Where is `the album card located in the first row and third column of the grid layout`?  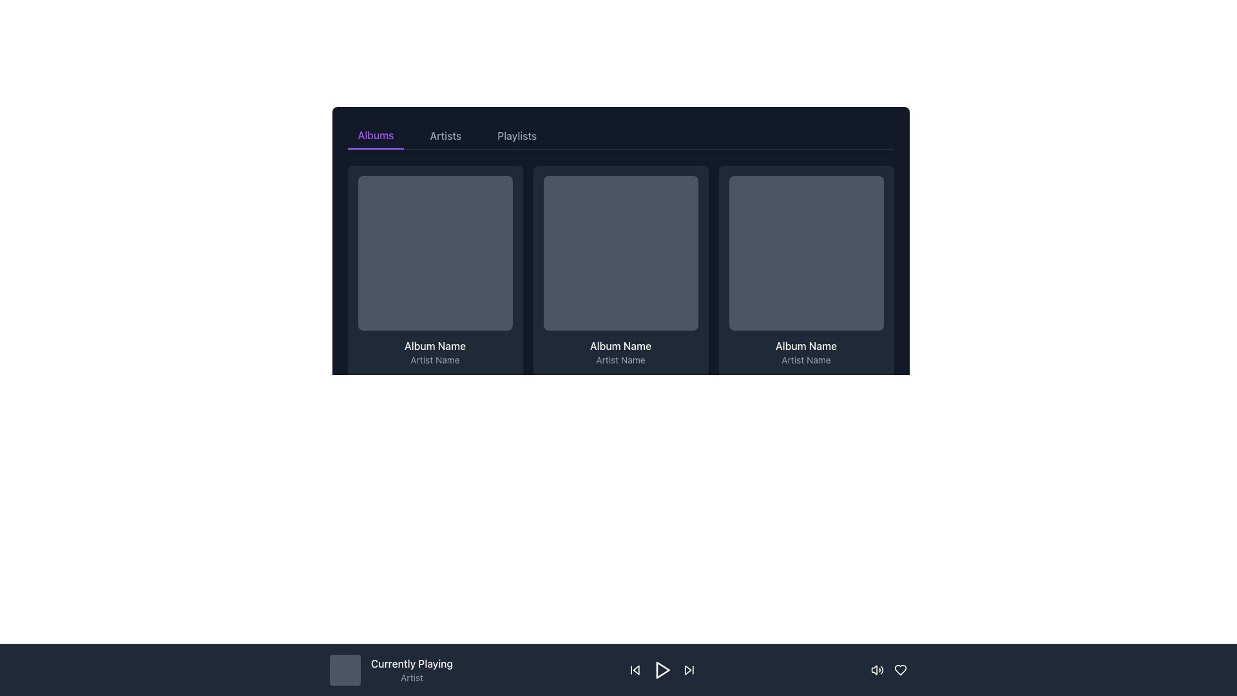
the album card located in the first row and third column of the grid layout is located at coordinates (805, 280).